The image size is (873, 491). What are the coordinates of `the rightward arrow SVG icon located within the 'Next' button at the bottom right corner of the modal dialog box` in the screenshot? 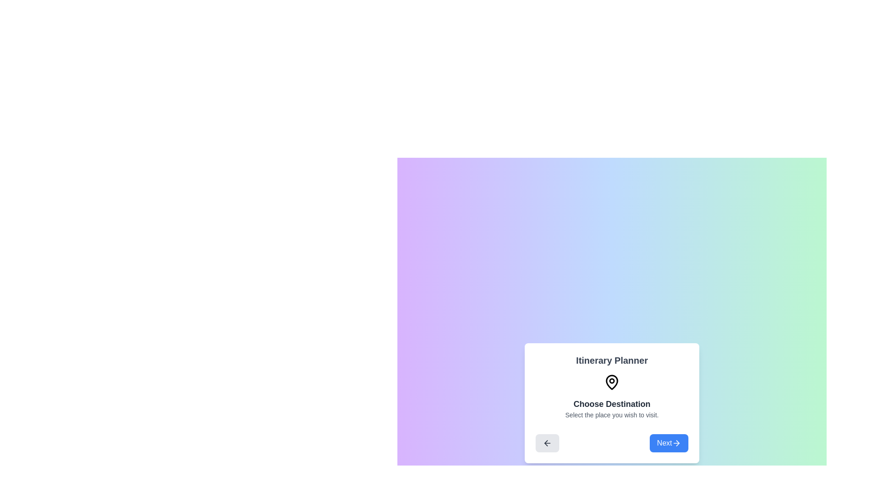 It's located at (677, 443).